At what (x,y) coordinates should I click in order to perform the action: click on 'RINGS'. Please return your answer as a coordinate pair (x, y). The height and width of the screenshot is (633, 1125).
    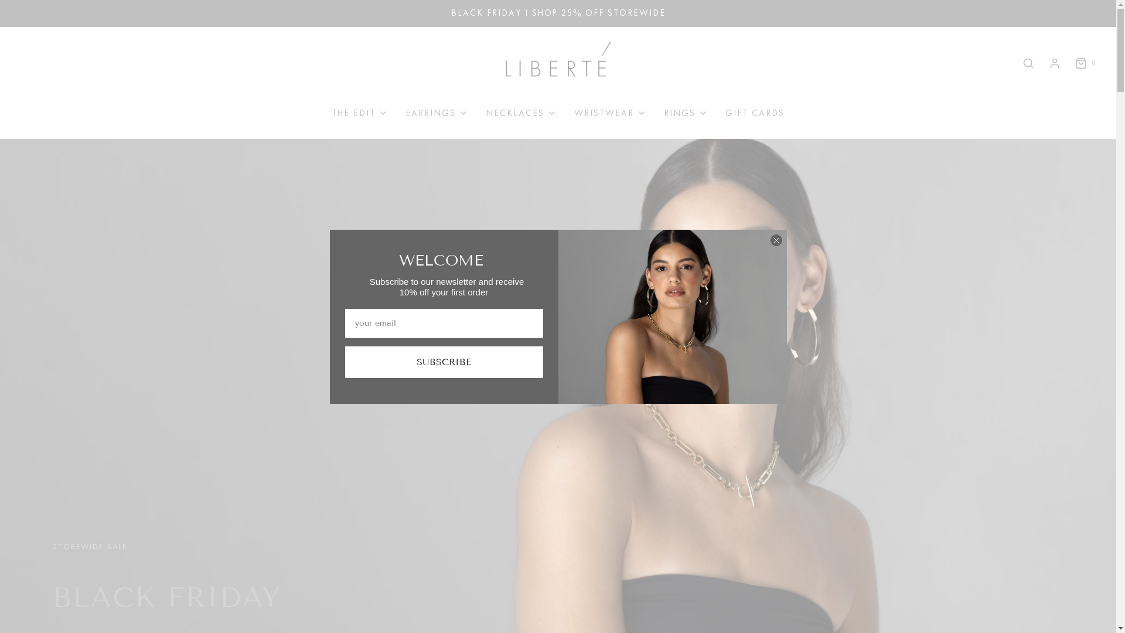
    Looking at the image, I should click on (686, 113).